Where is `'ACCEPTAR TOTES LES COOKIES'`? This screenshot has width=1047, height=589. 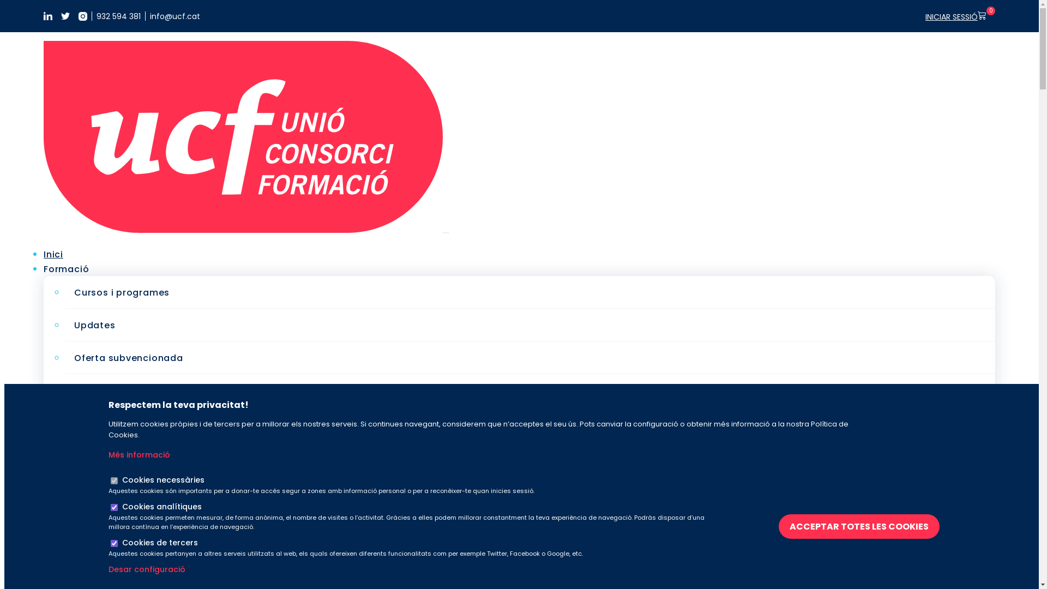 'ACCEPTAR TOTES LES COOKIES' is located at coordinates (858, 525).